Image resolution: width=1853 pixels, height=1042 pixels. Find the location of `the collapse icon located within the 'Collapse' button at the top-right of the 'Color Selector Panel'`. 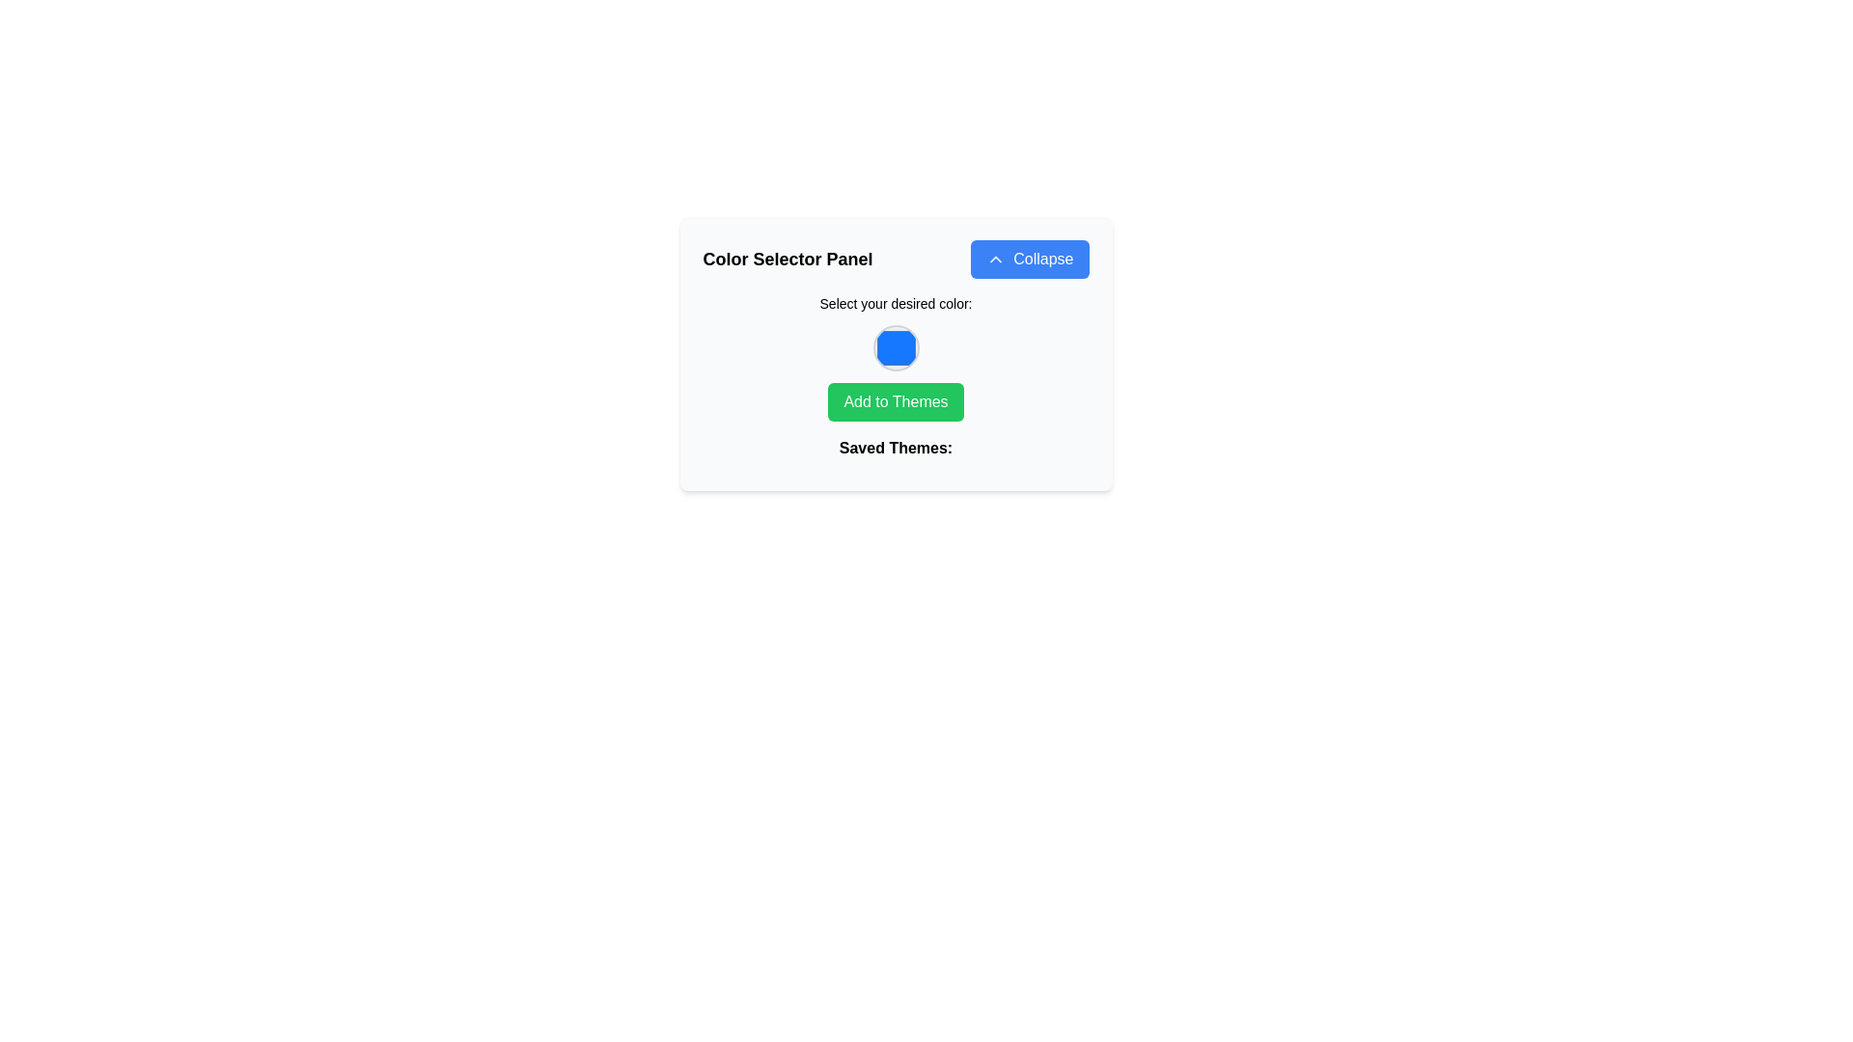

the collapse icon located within the 'Collapse' button at the top-right of the 'Color Selector Panel' is located at coordinates (996, 259).